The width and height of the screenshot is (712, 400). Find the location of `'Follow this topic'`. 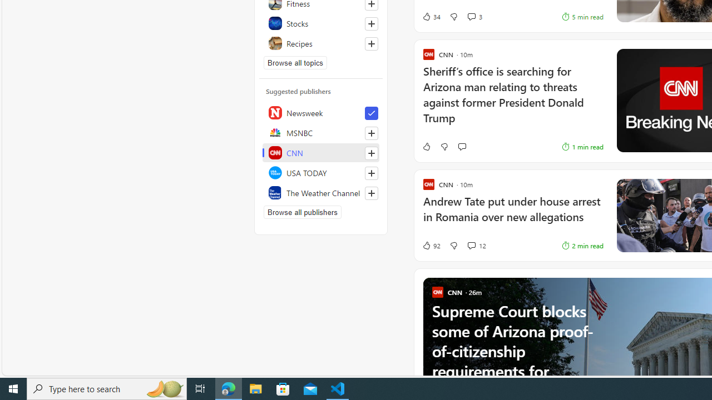

'Follow this topic' is located at coordinates (371, 43).